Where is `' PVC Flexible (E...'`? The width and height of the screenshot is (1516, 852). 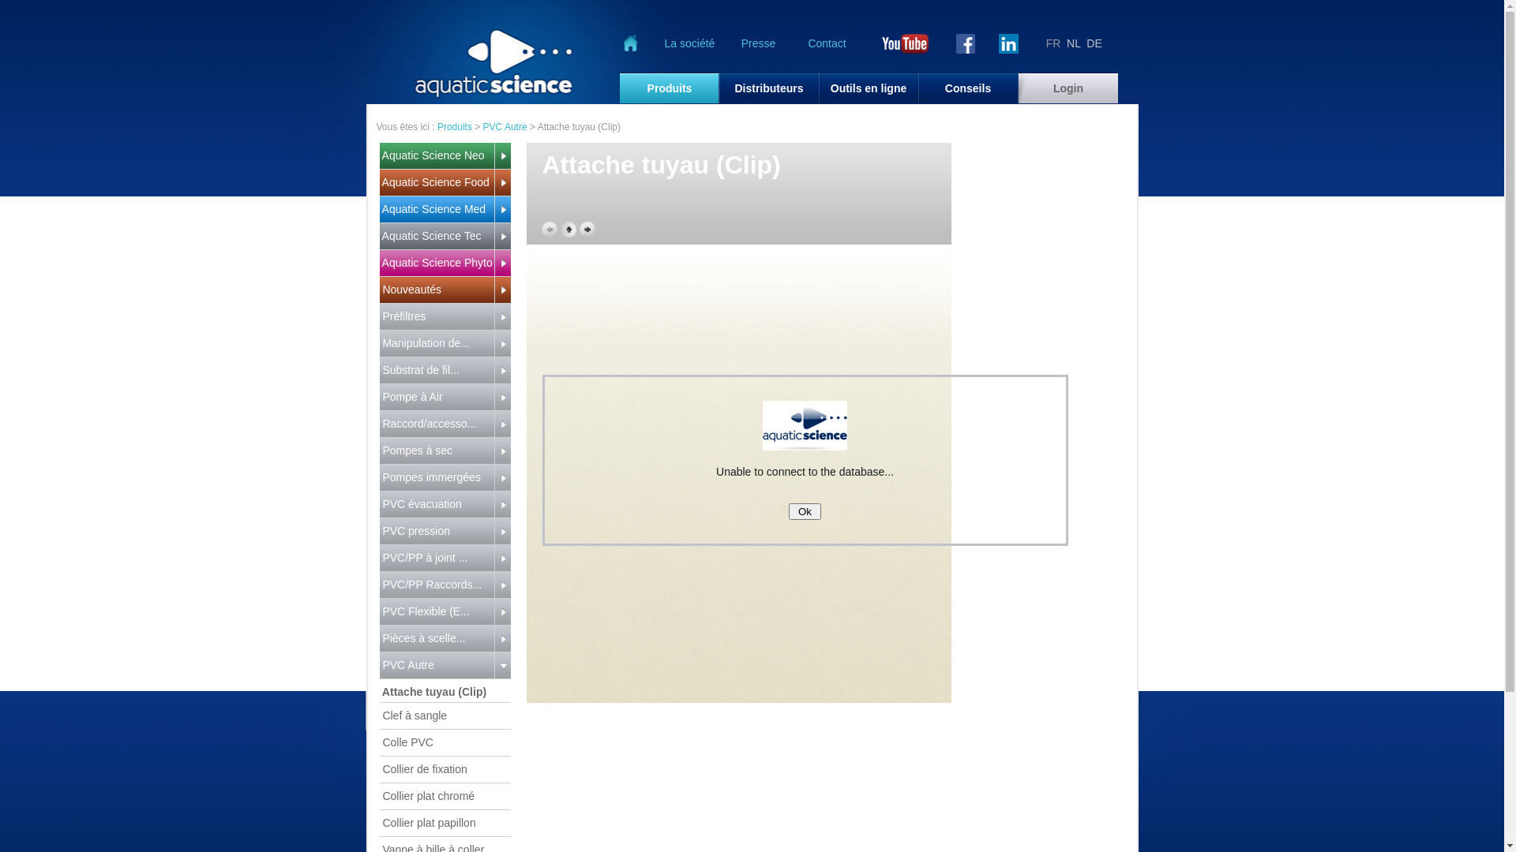 ' PVC Flexible (E...' is located at coordinates (379, 611).